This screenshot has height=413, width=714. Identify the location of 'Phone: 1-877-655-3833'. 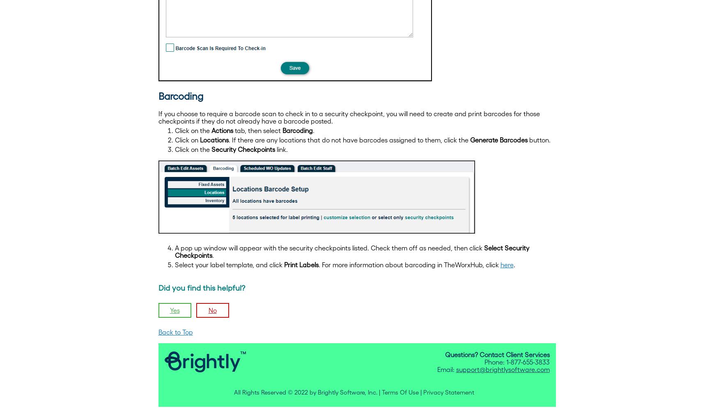
(516, 361).